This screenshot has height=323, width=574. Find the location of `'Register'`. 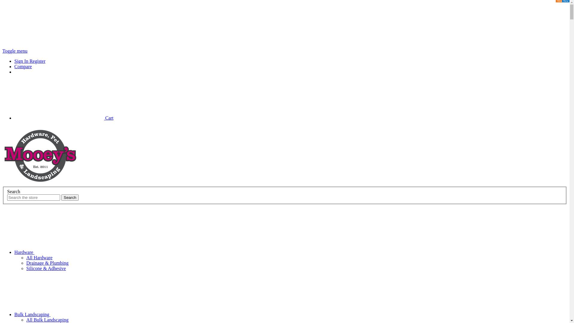

'Register' is located at coordinates (37, 61).